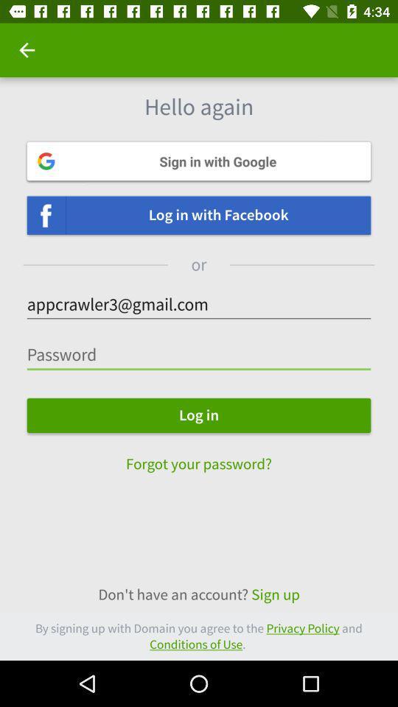 This screenshot has width=398, height=707. Describe the element at coordinates (199, 636) in the screenshot. I see `item below don t have item` at that location.